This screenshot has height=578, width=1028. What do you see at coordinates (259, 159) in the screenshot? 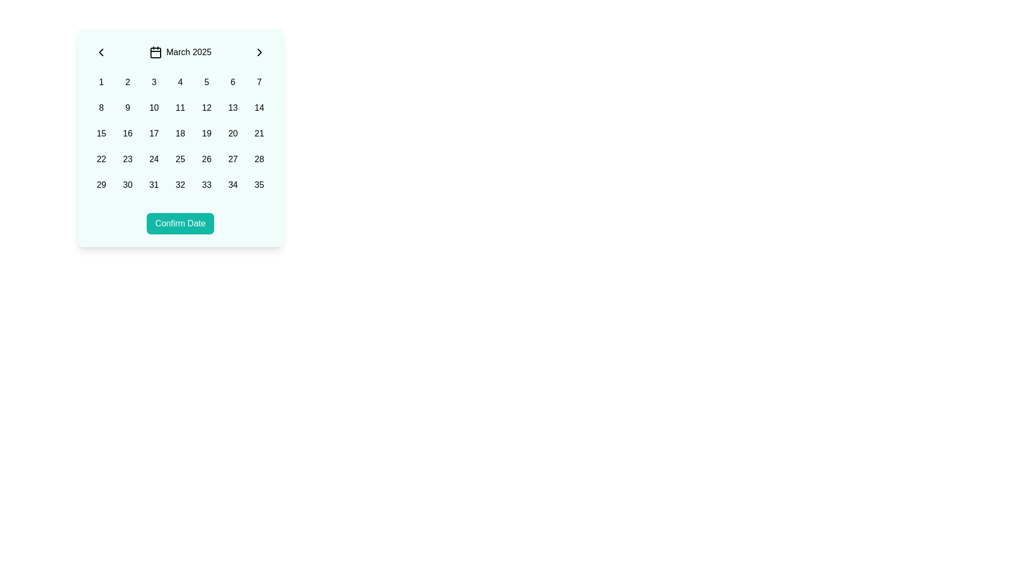
I see `the selectable date button (28) in the calendar interface located in the bottom-right region of the grid layout` at bounding box center [259, 159].